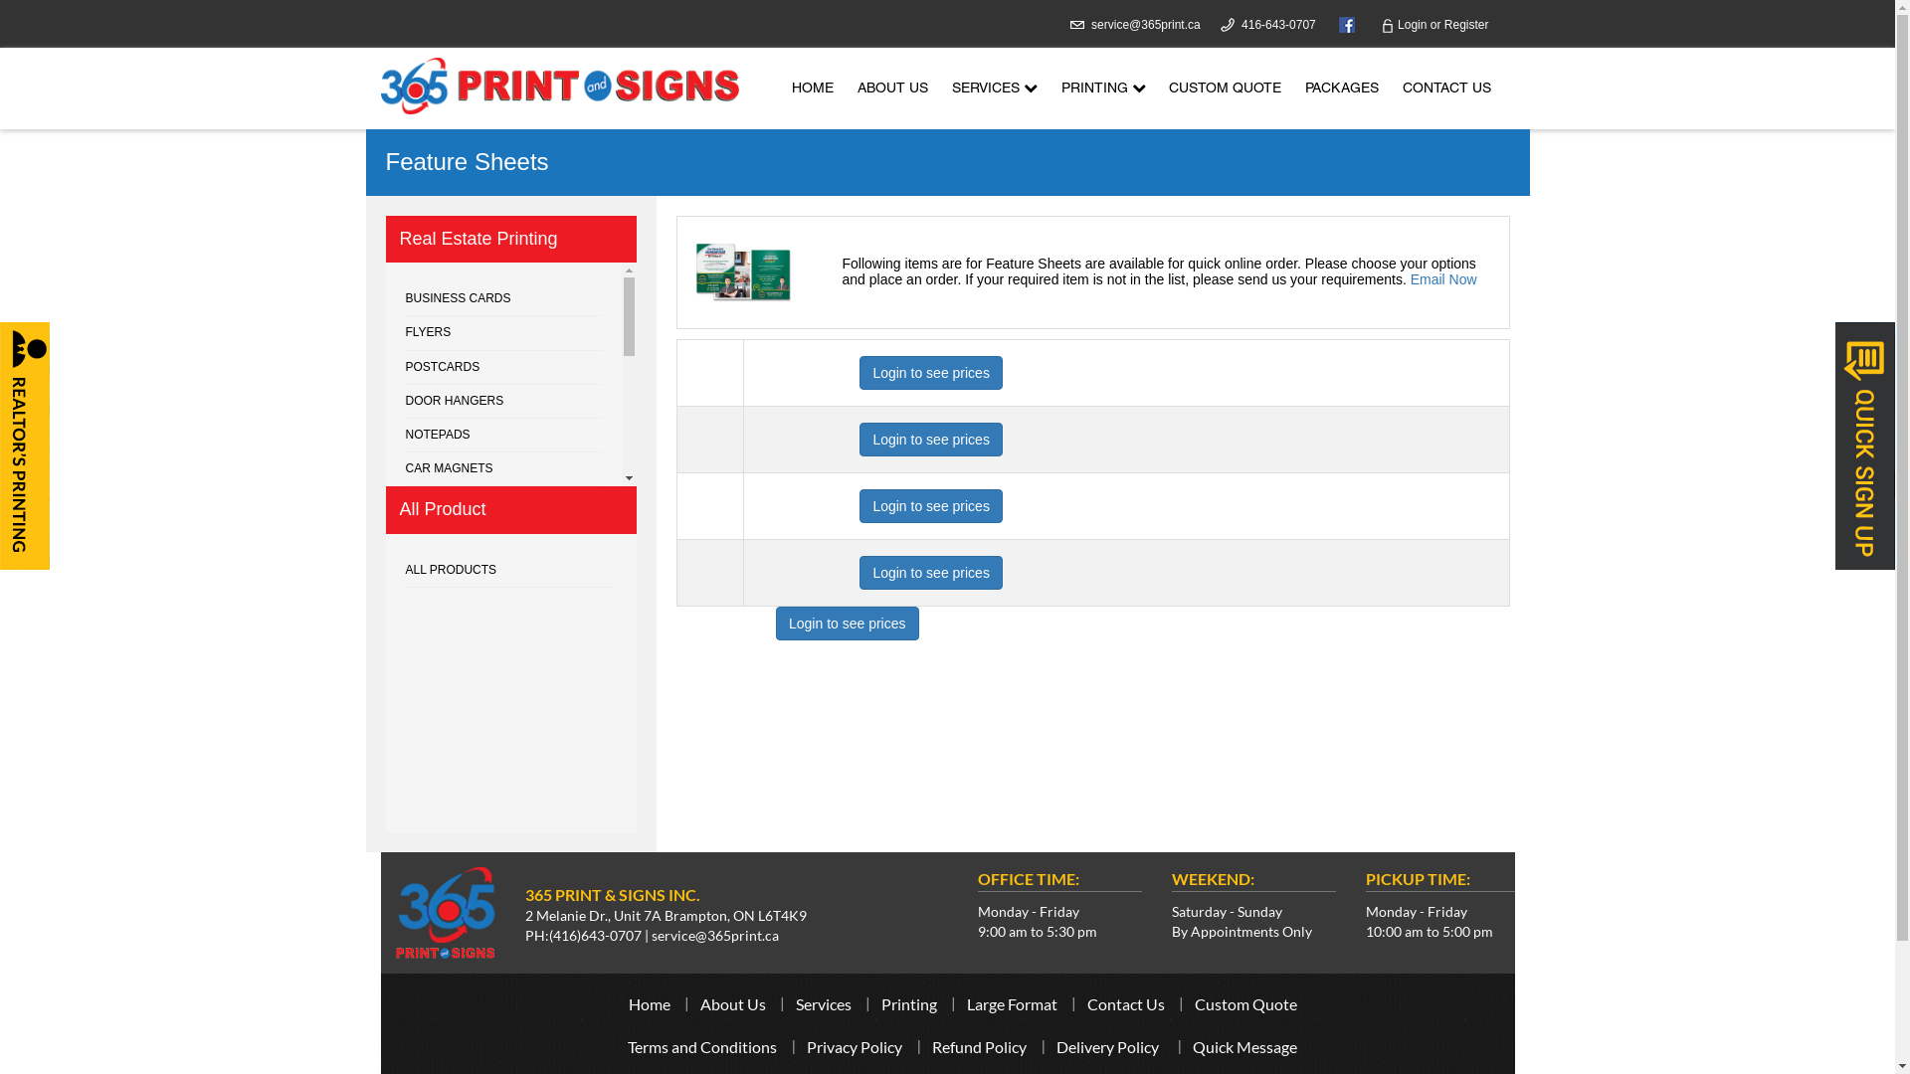 This screenshot has width=1910, height=1074. I want to click on 'CUSTOM QUOTE', so click(1224, 88).